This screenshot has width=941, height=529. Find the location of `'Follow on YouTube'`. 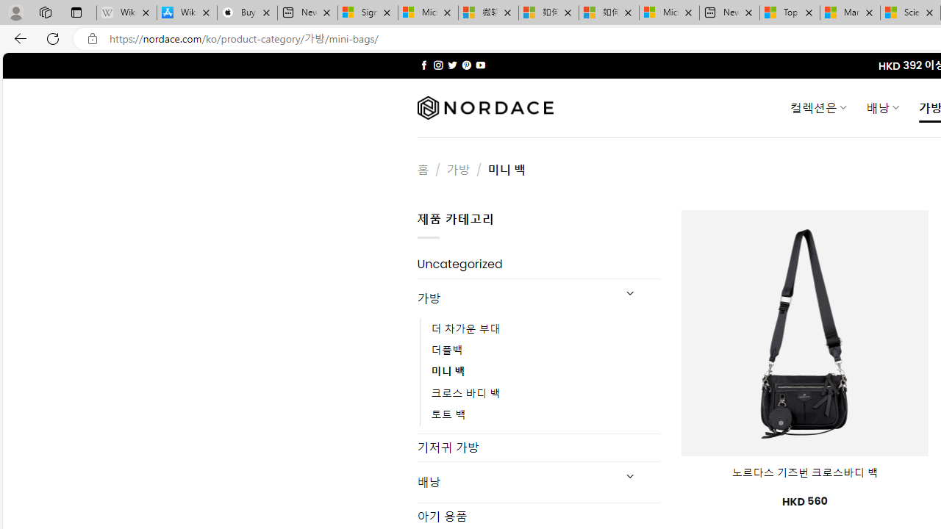

'Follow on YouTube' is located at coordinates (480, 65).